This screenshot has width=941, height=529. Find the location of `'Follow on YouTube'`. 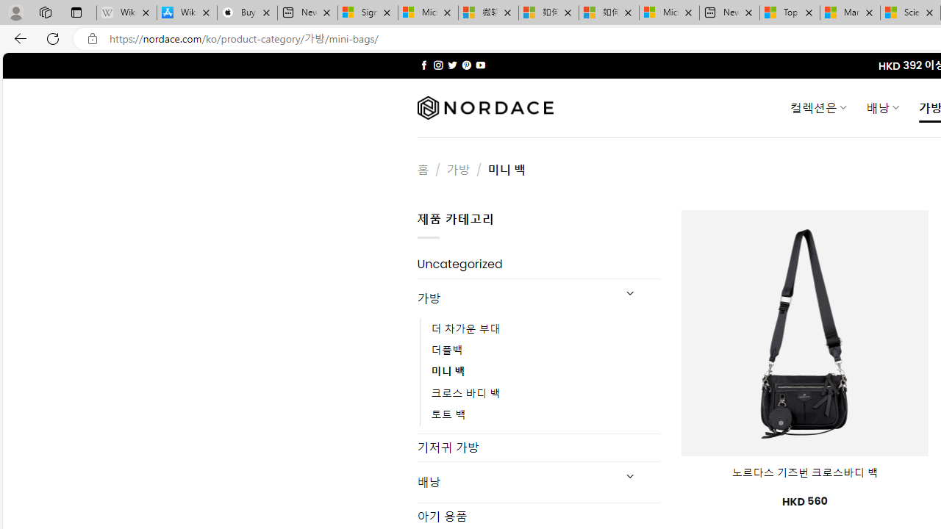

'Follow on YouTube' is located at coordinates (480, 65).